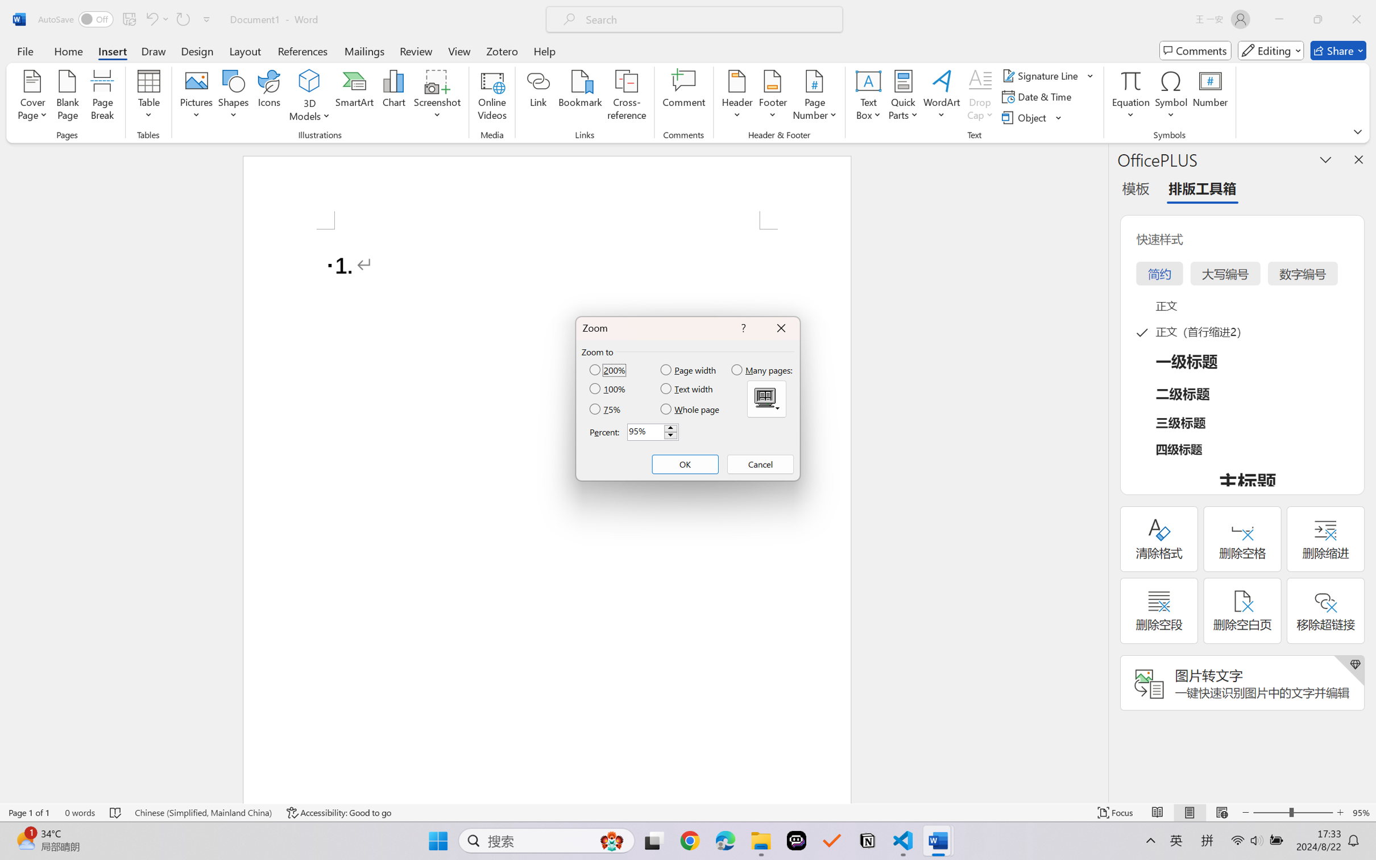  What do you see at coordinates (736, 97) in the screenshot?
I see `'Header'` at bounding box center [736, 97].